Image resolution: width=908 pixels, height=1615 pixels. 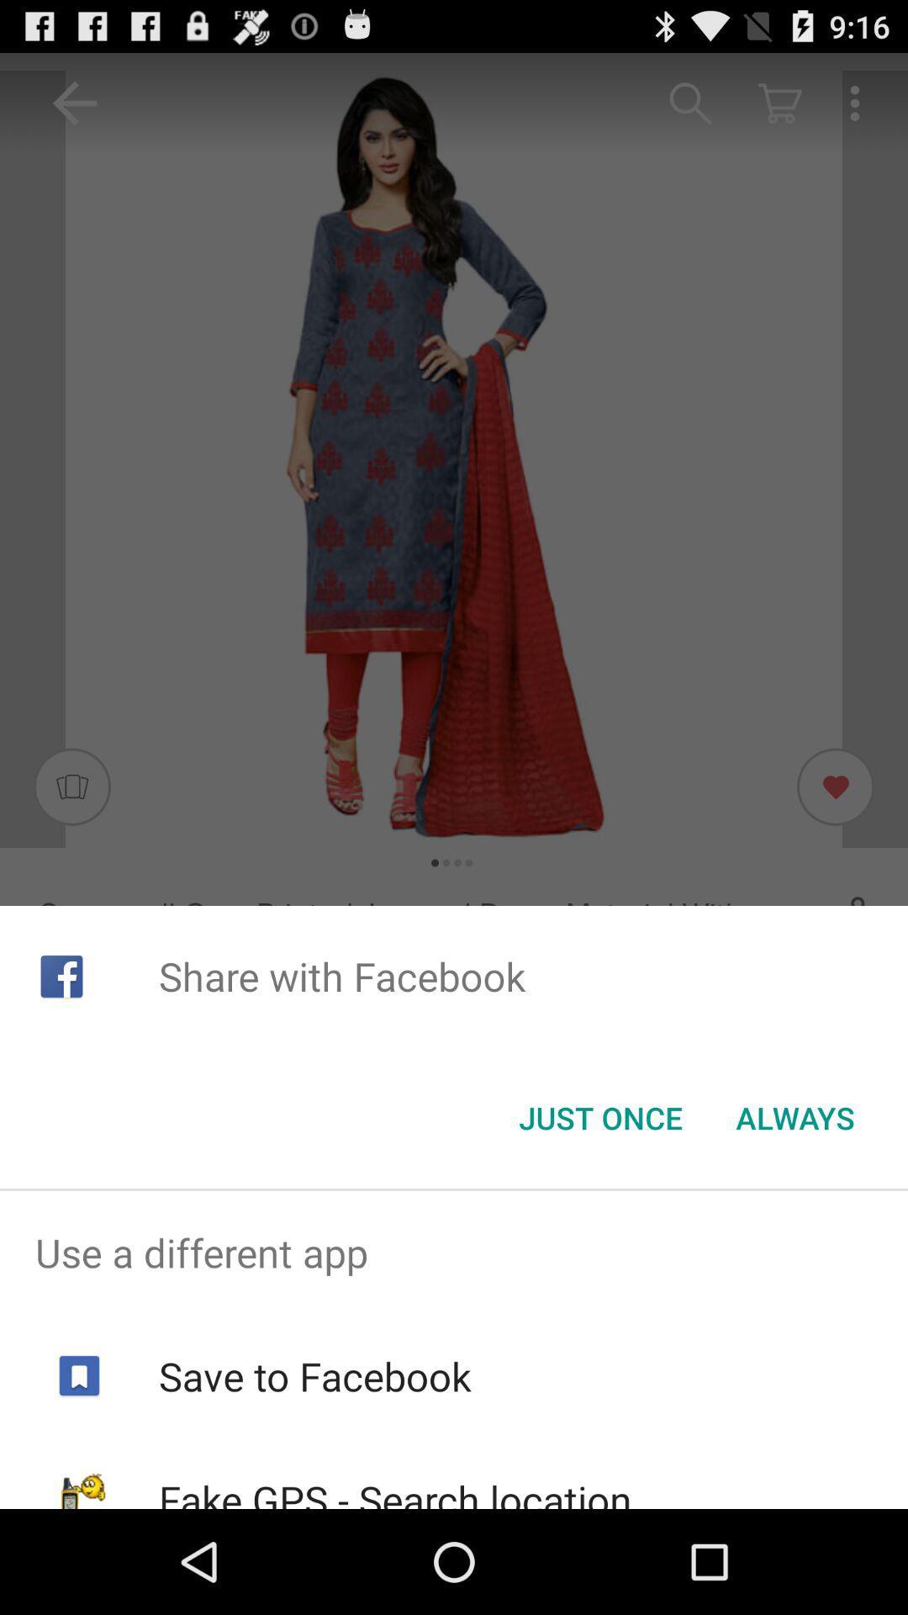 What do you see at coordinates (395, 1491) in the screenshot?
I see `fake gps search app` at bounding box center [395, 1491].